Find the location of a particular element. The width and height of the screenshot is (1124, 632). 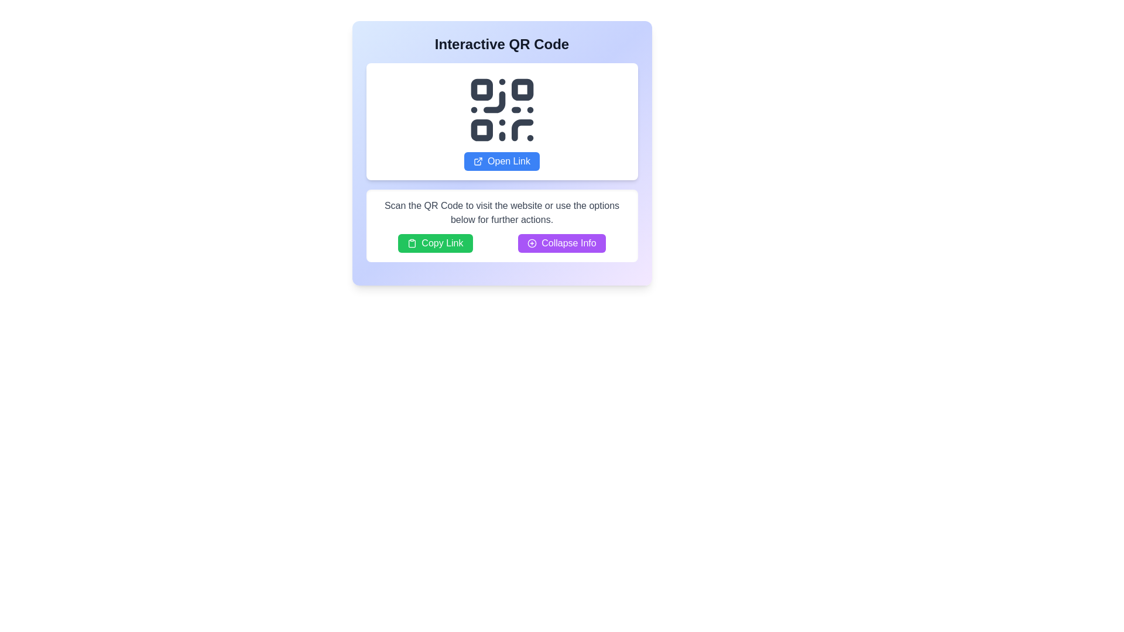

the clipboard icon located to the left of the 'Copy Link' button at the center bottom of the QR Code section is located at coordinates (412, 243).